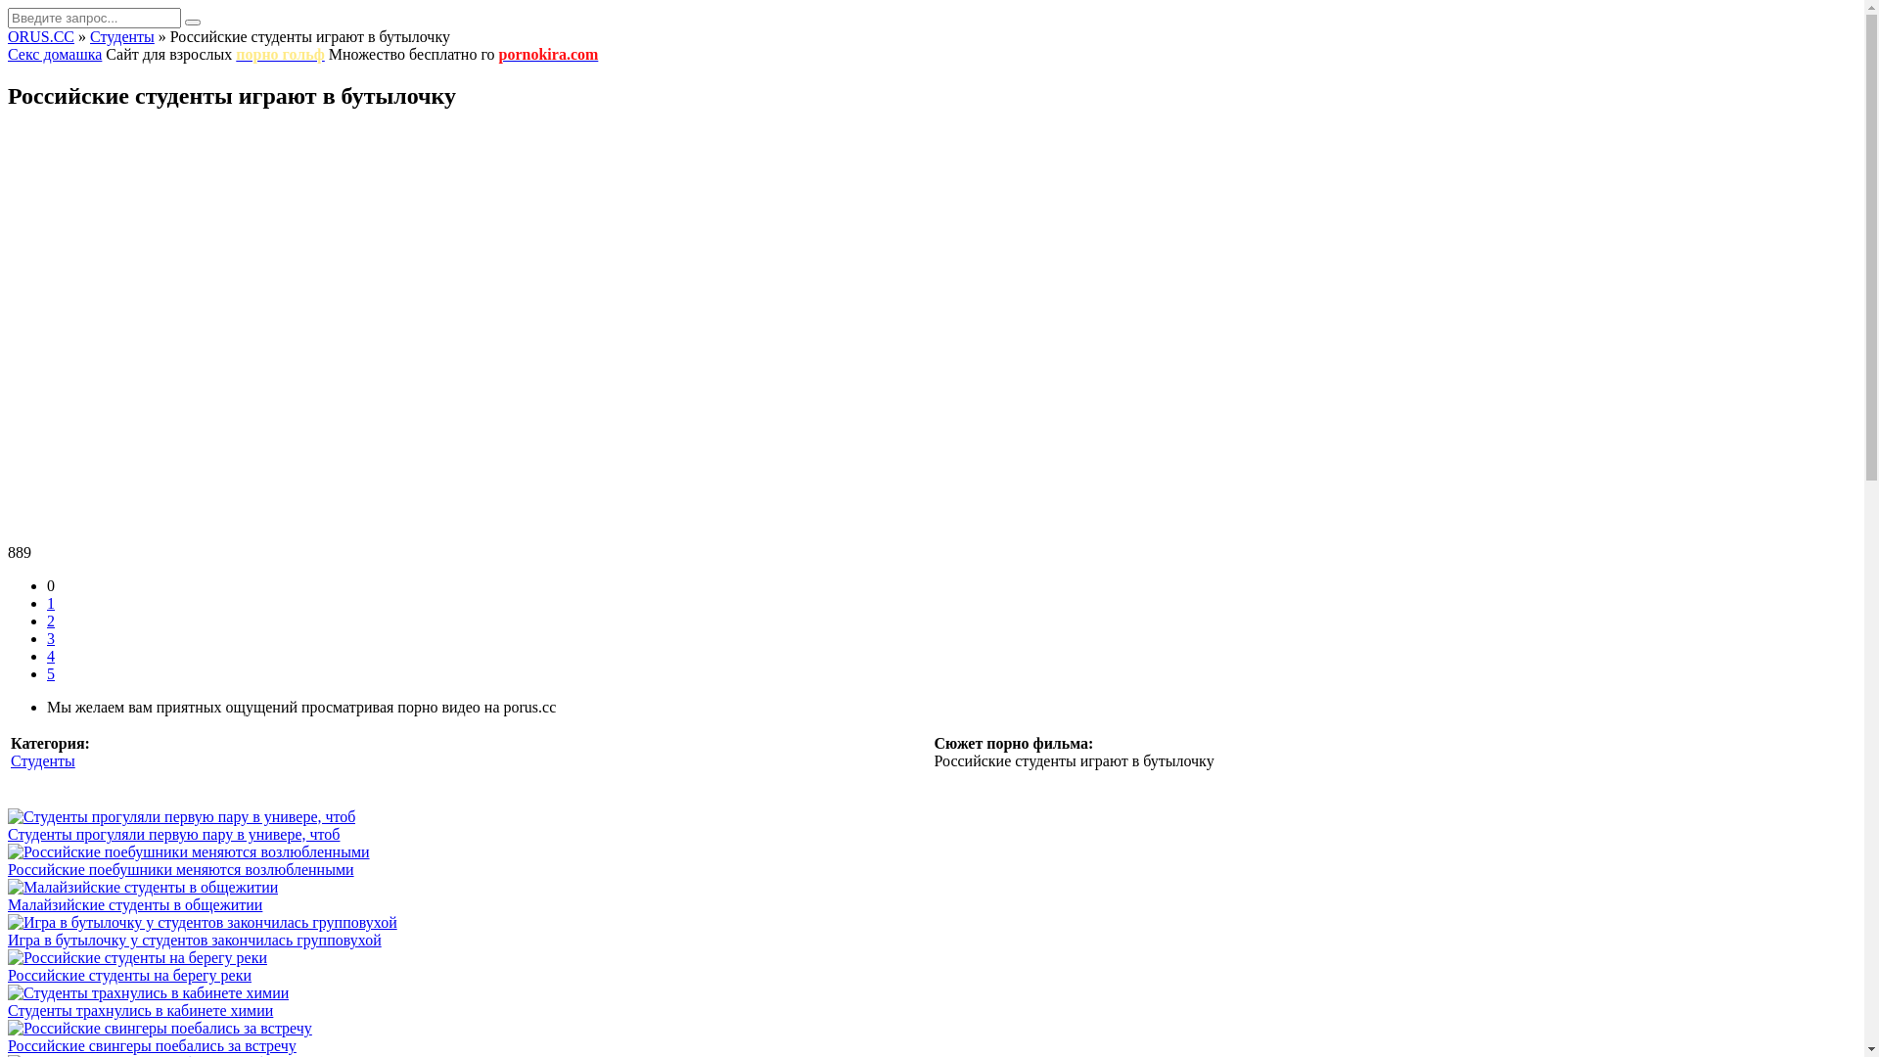 This screenshot has height=1057, width=1879. What do you see at coordinates (51, 672) in the screenshot?
I see `'5'` at bounding box center [51, 672].